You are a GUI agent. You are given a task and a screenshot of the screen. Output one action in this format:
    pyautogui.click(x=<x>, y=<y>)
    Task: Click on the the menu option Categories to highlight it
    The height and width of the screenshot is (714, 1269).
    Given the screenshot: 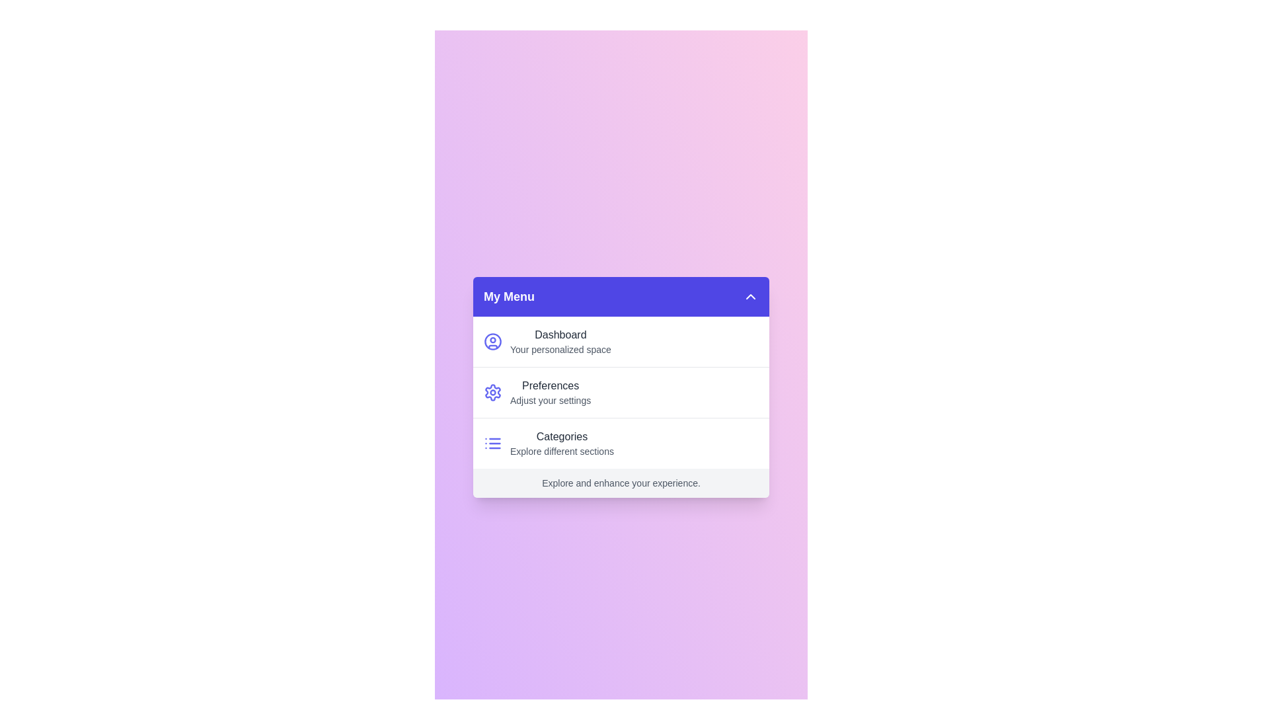 What is the action you would take?
    pyautogui.click(x=621, y=443)
    